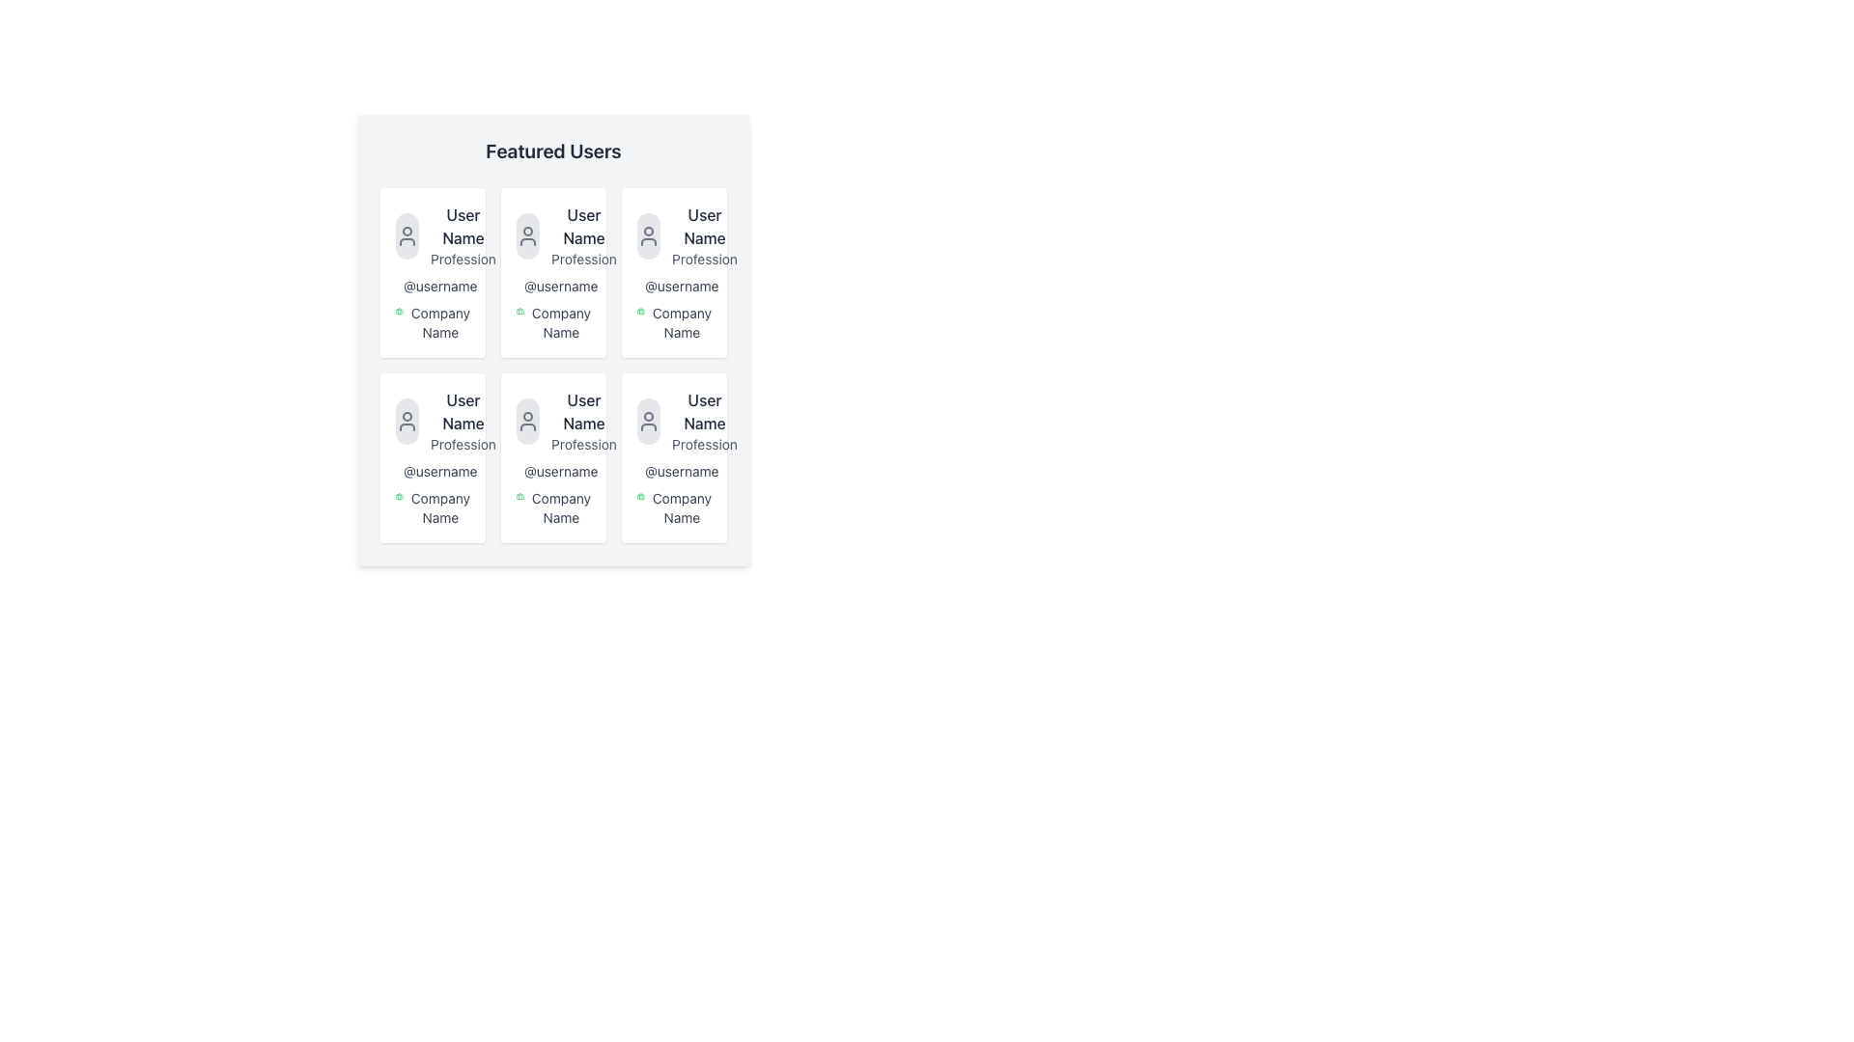 This screenshot has width=1854, height=1042. I want to click on the small green briefcase icon located next to the text 'Company Name' in the first row, third column card under the 'Featured Users' section, so click(640, 311).